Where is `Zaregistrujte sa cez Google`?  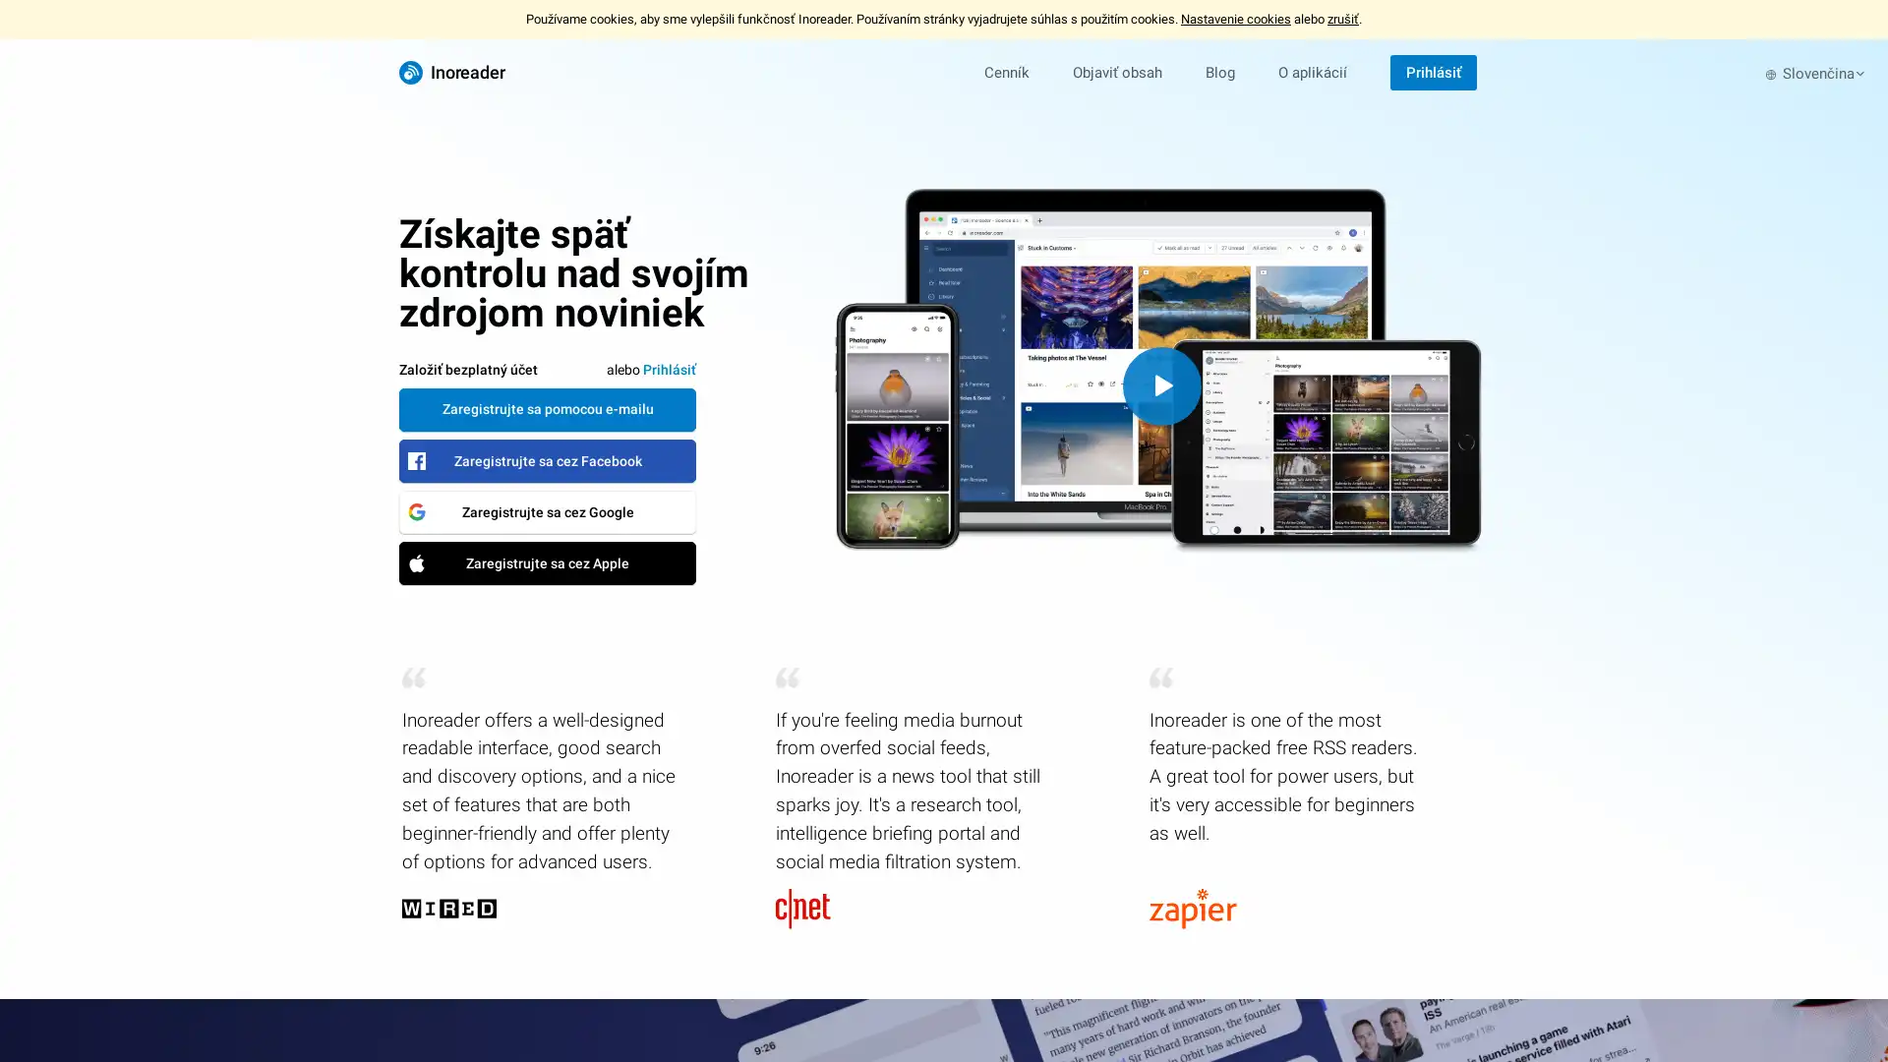
Zaregistrujte sa cez Google is located at coordinates (547, 510).